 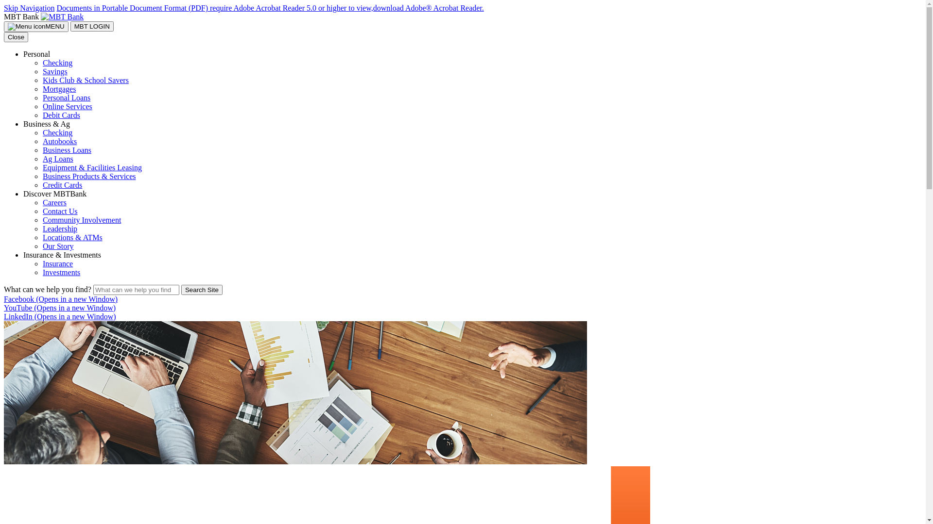 I want to click on 'Personal Loans', so click(x=66, y=98).